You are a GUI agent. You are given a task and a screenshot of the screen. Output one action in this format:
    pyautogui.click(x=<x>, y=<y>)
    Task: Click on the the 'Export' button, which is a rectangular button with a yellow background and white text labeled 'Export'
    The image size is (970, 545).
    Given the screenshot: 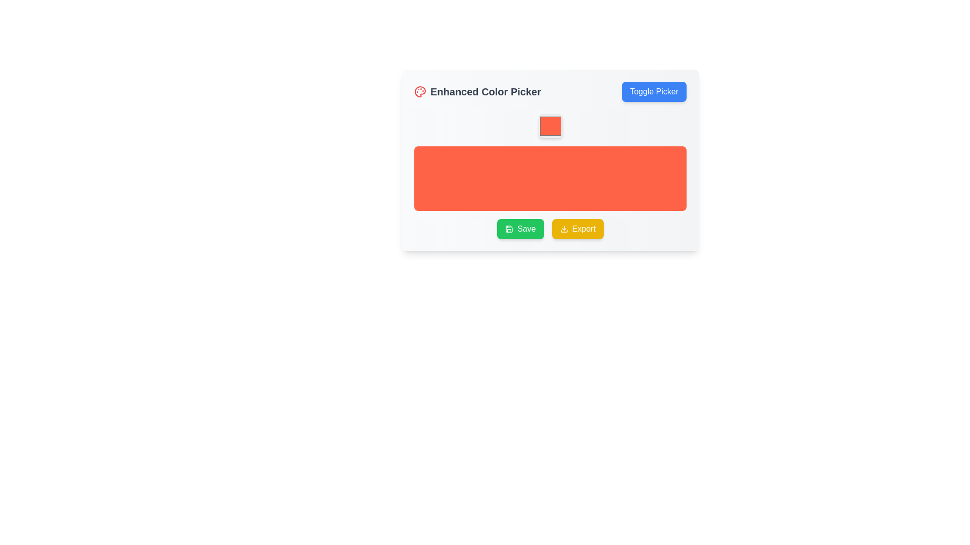 What is the action you would take?
    pyautogui.click(x=577, y=229)
    